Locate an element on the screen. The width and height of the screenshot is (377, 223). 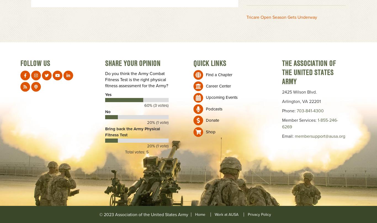
'FOLLOW US' is located at coordinates (35, 63).